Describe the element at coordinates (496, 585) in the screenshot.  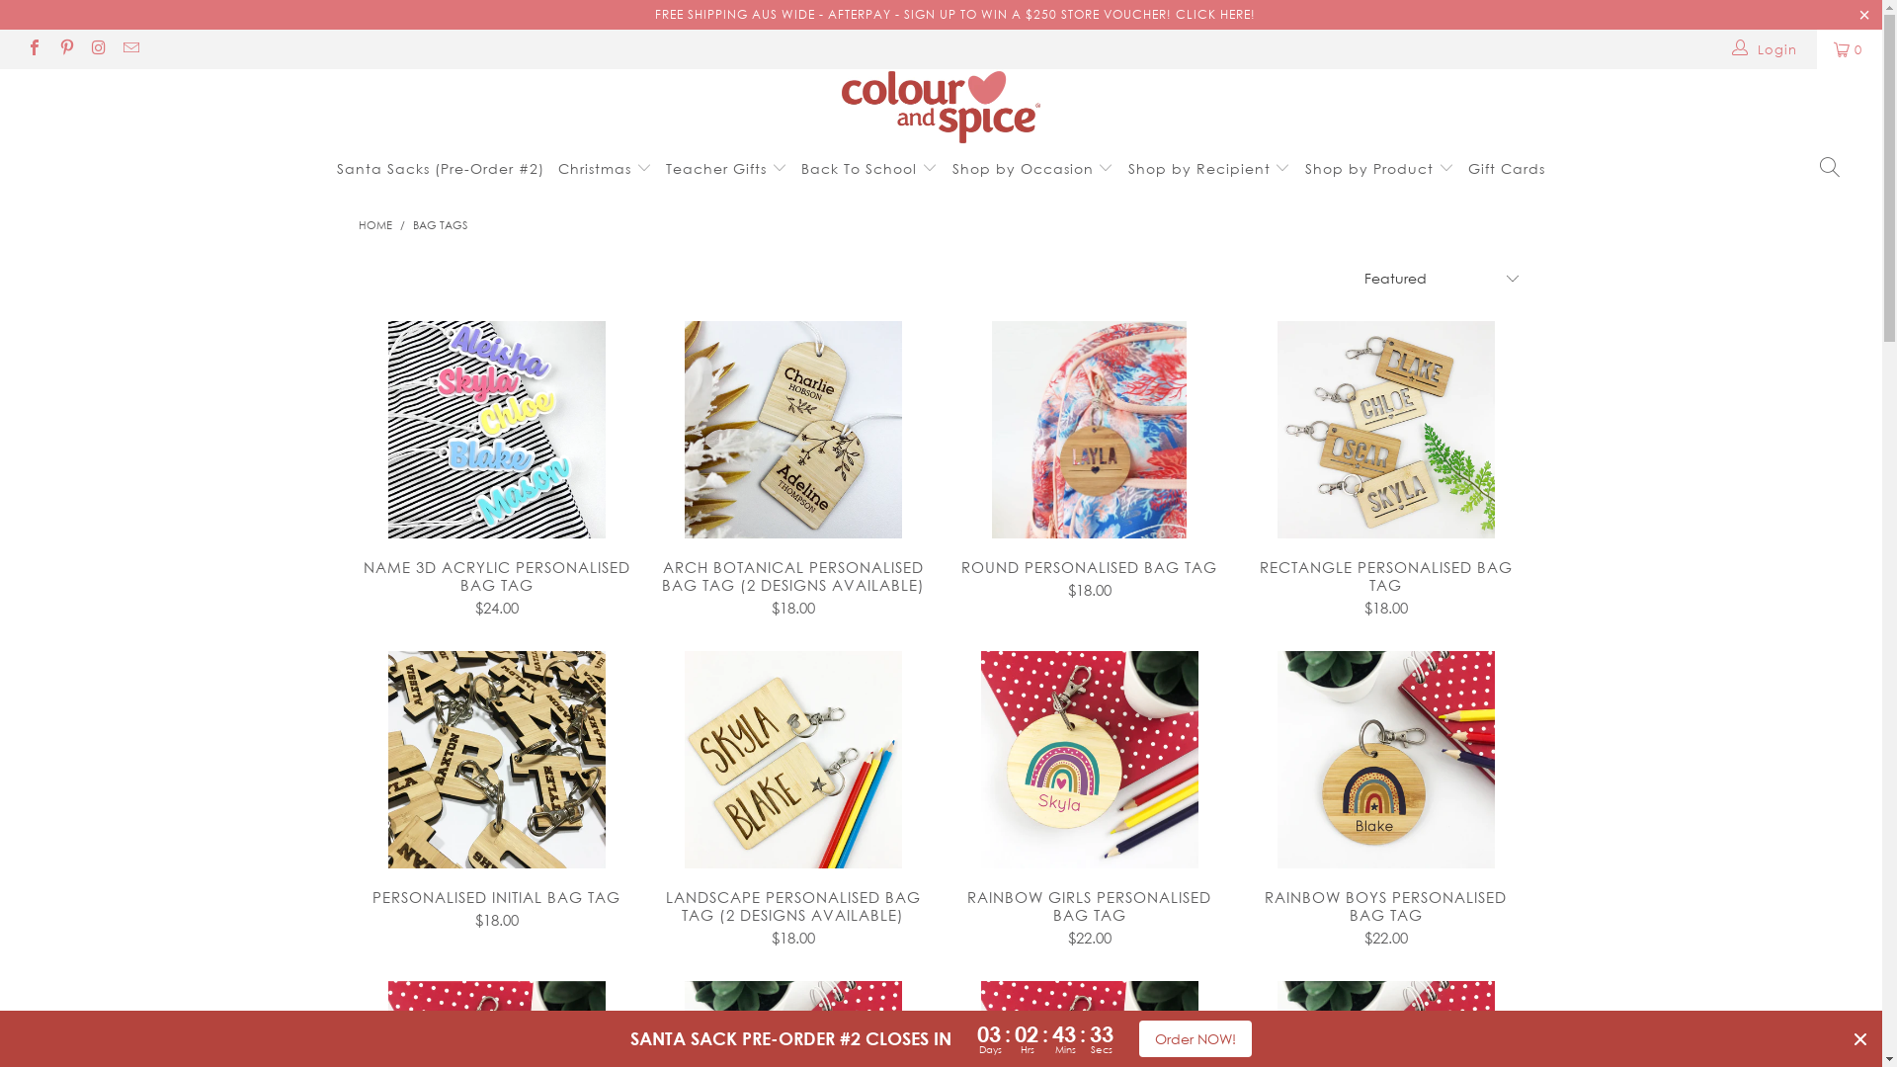
I see `'NAME 3D ACRYLIC PERSONALISED BAG TAG` at that location.